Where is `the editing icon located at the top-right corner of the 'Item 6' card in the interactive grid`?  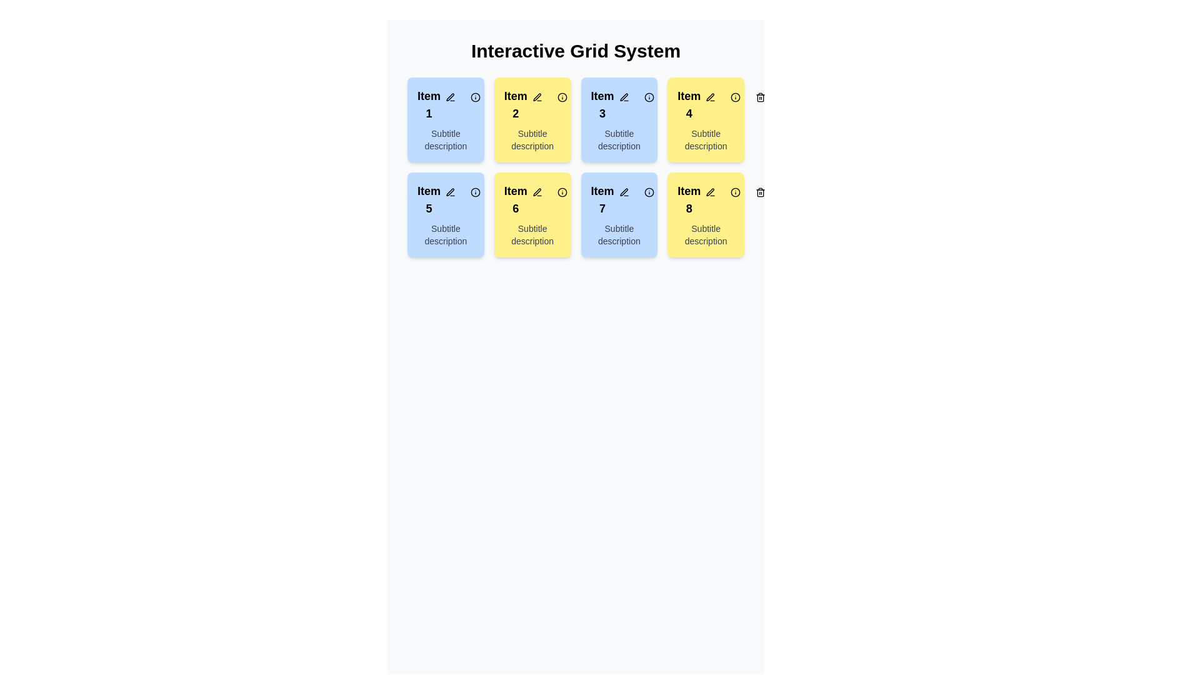
the editing icon located at the top-right corner of the 'Item 6' card in the interactive grid is located at coordinates (537, 192).